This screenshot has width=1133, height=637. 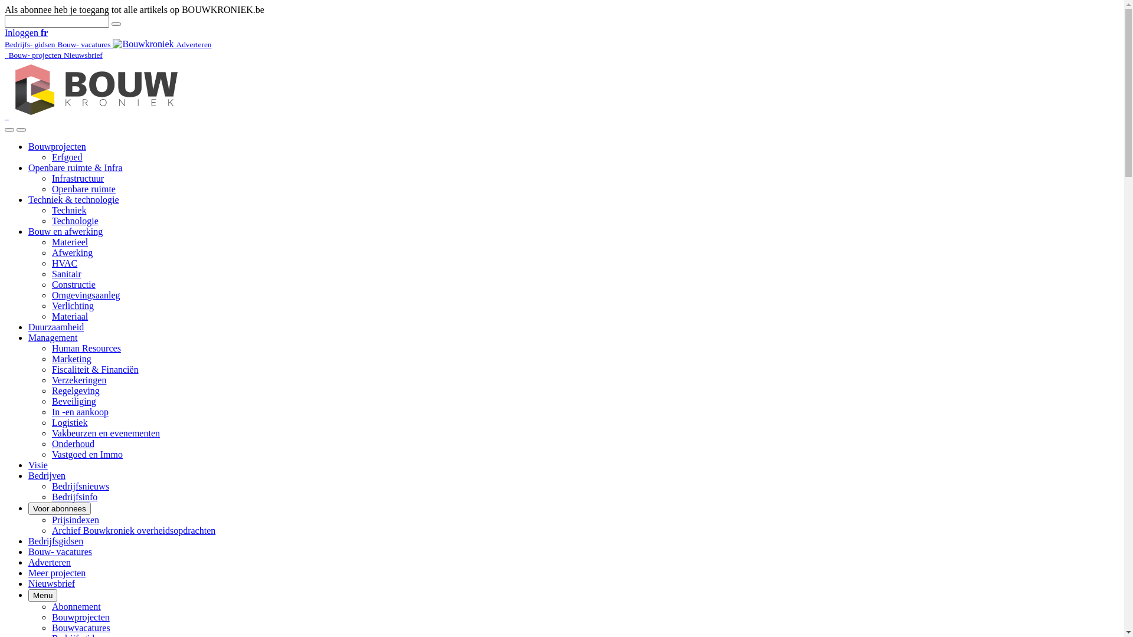 I want to click on 'Menu', so click(x=42, y=595).